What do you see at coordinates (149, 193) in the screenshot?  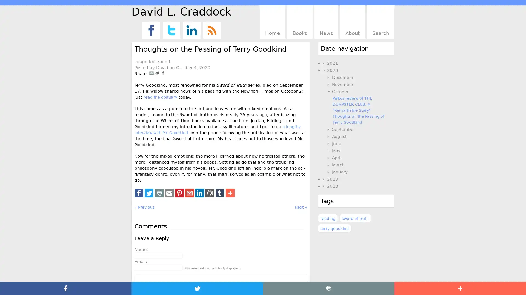 I see `Share to Twitter` at bounding box center [149, 193].